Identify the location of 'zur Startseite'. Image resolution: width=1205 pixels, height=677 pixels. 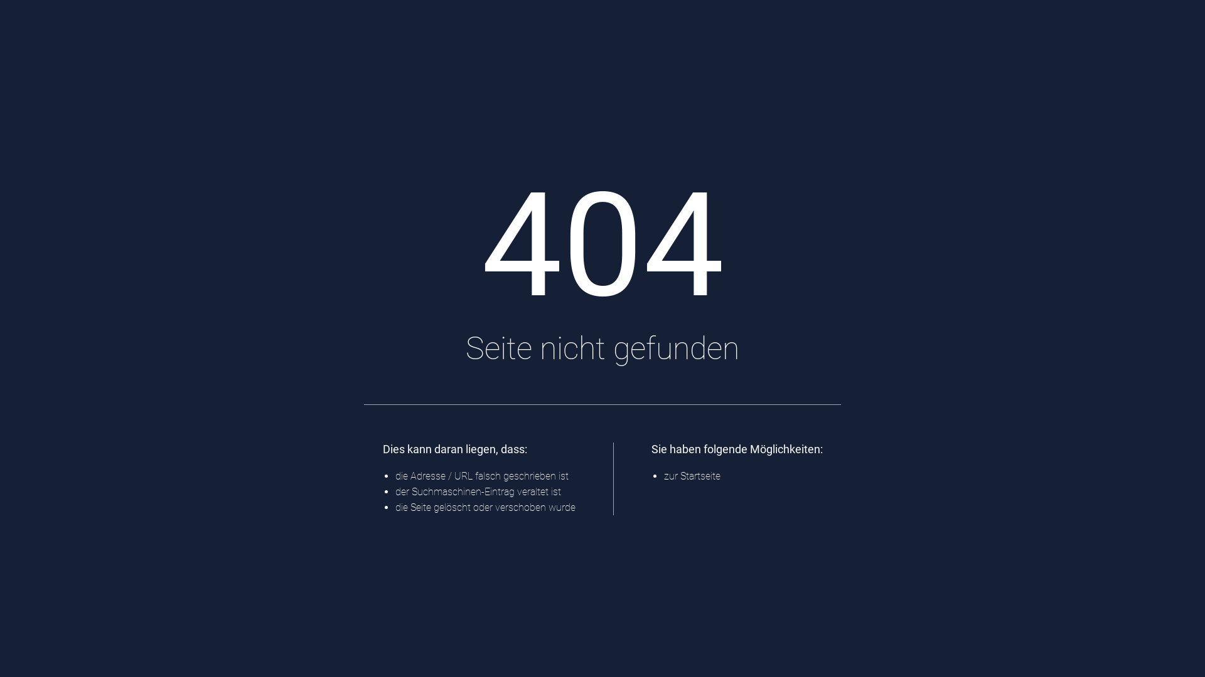
(663, 476).